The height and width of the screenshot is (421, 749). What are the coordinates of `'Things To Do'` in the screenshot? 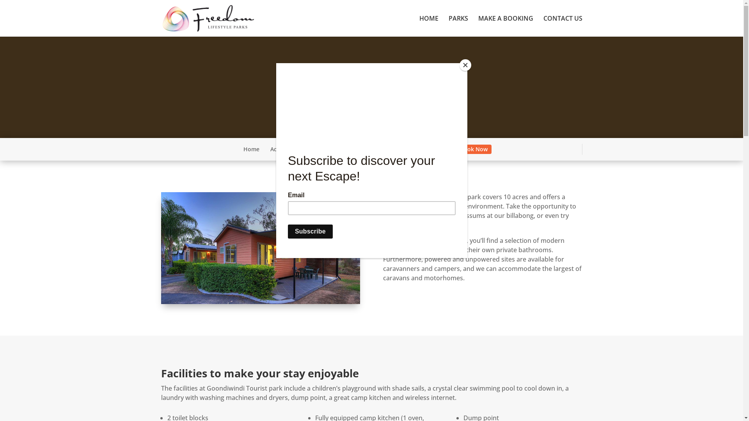 It's located at (378, 149).